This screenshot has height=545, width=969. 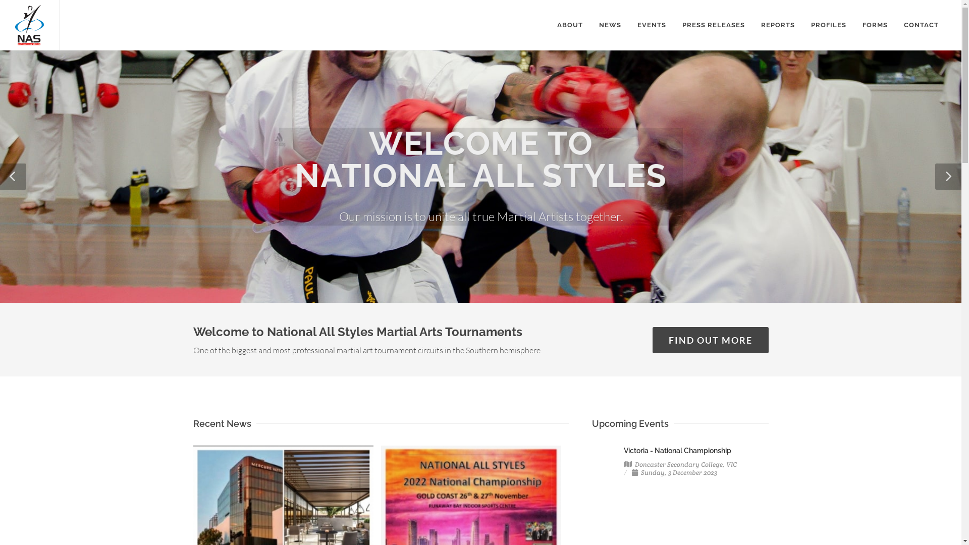 What do you see at coordinates (652, 25) in the screenshot?
I see `'EVENTS'` at bounding box center [652, 25].